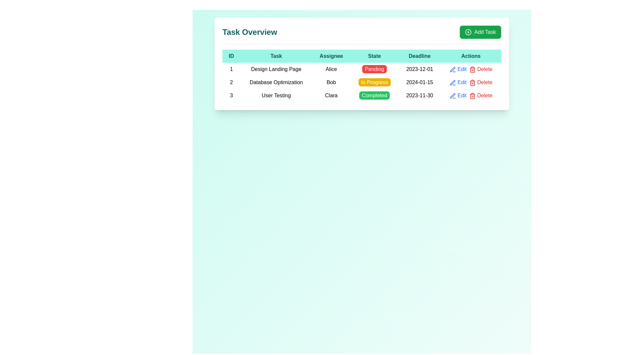  Describe the element at coordinates (481, 69) in the screenshot. I see `the delete hyperlink with icon in the 'Actions' column of the third row of the task table` at that location.